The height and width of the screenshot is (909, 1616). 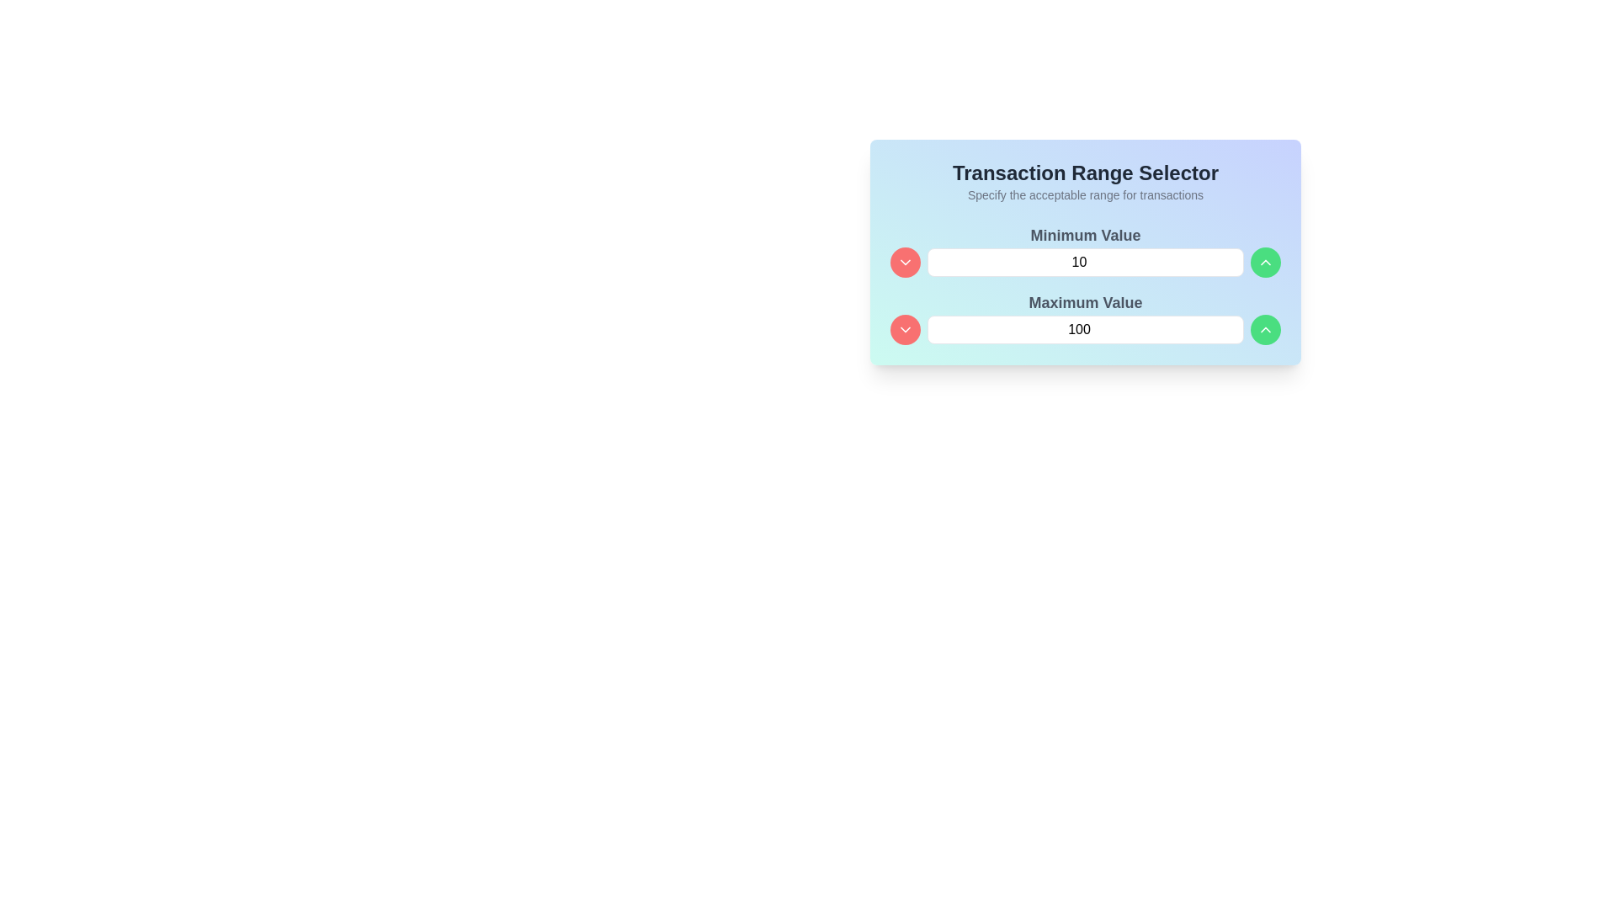 What do you see at coordinates (904, 263) in the screenshot?
I see `the Button with an embedded icon located on the left side next to the 'Minimum Value' input field for keyboard accessibility` at bounding box center [904, 263].